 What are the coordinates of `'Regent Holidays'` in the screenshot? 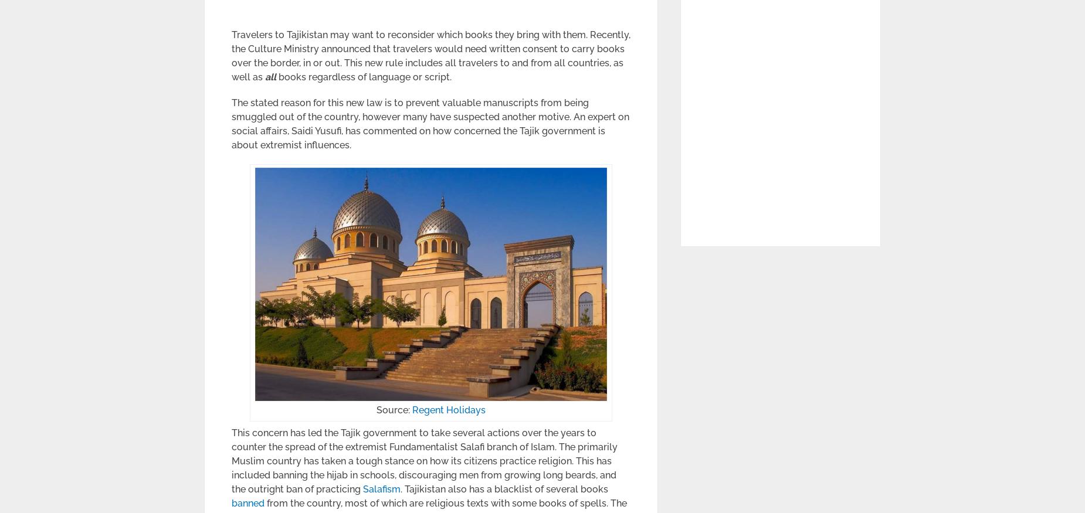 It's located at (449, 410).